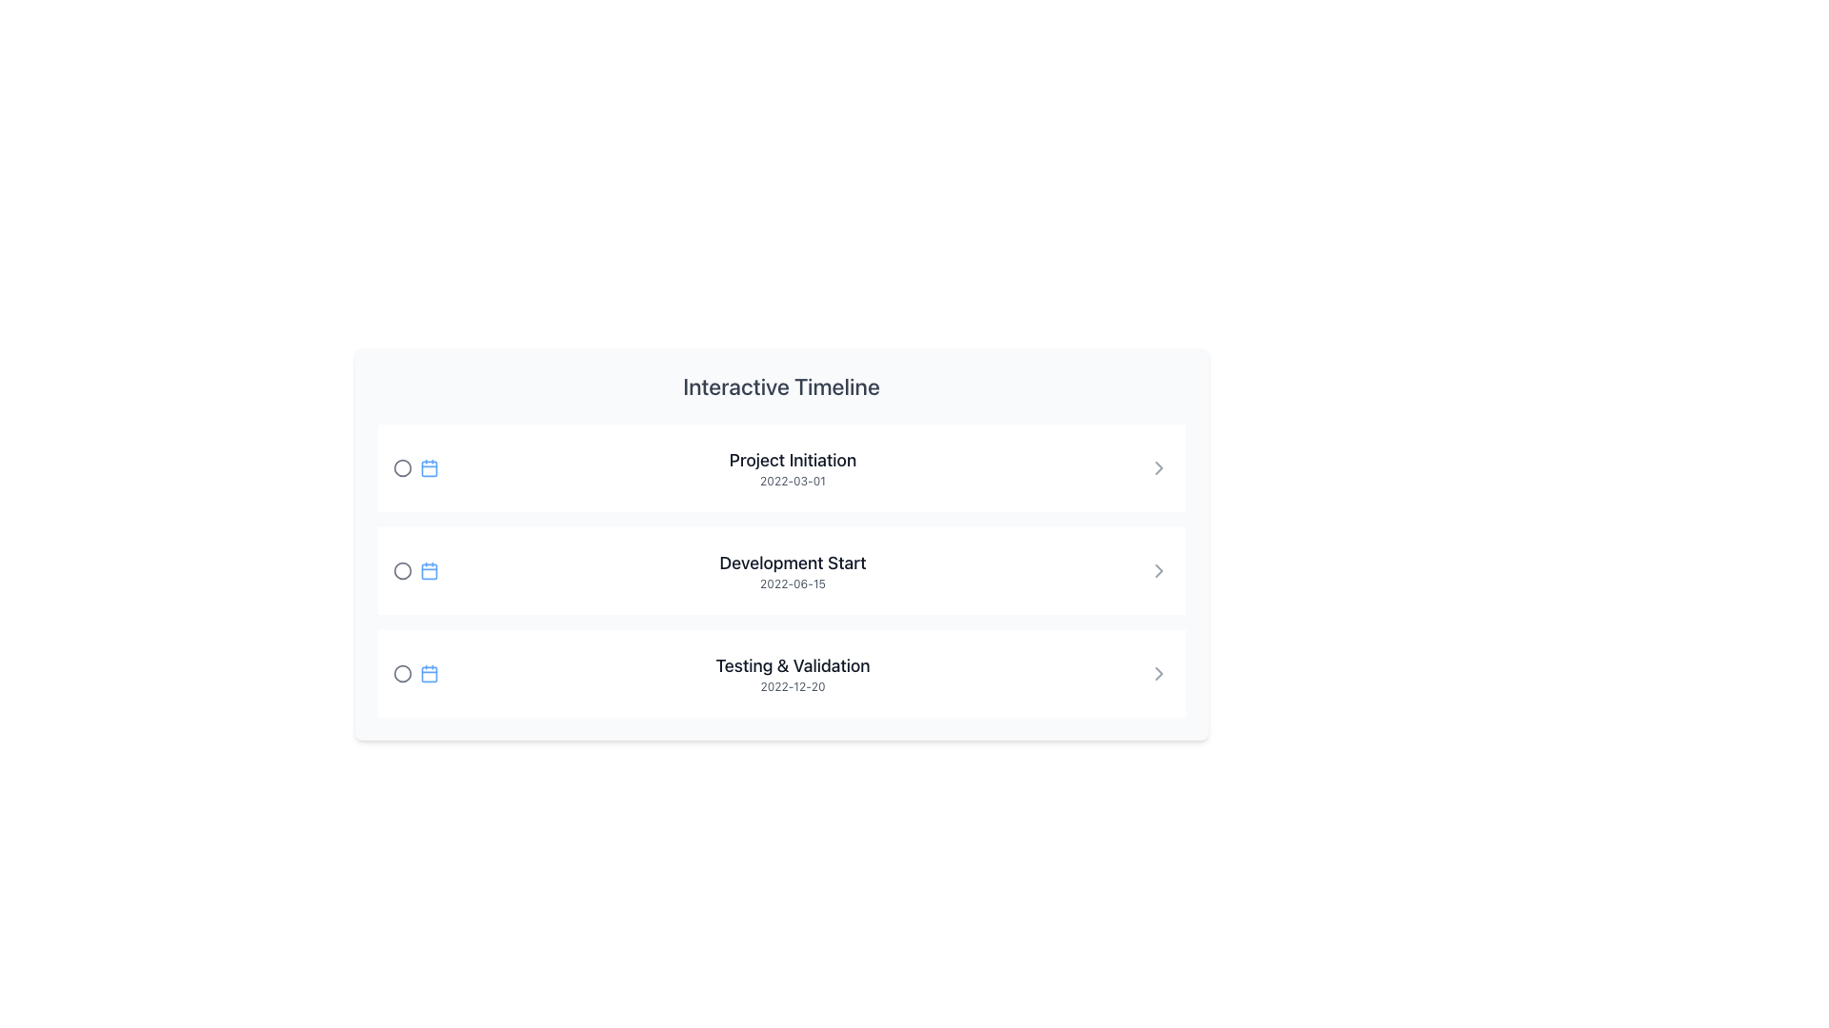 The width and height of the screenshot is (1829, 1028). What do you see at coordinates (401, 673) in the screenshot?
I see `the gray circular icon located in the left section of the third entry in the 'Interactive Timeline' list` at bounding box center [401, 673].